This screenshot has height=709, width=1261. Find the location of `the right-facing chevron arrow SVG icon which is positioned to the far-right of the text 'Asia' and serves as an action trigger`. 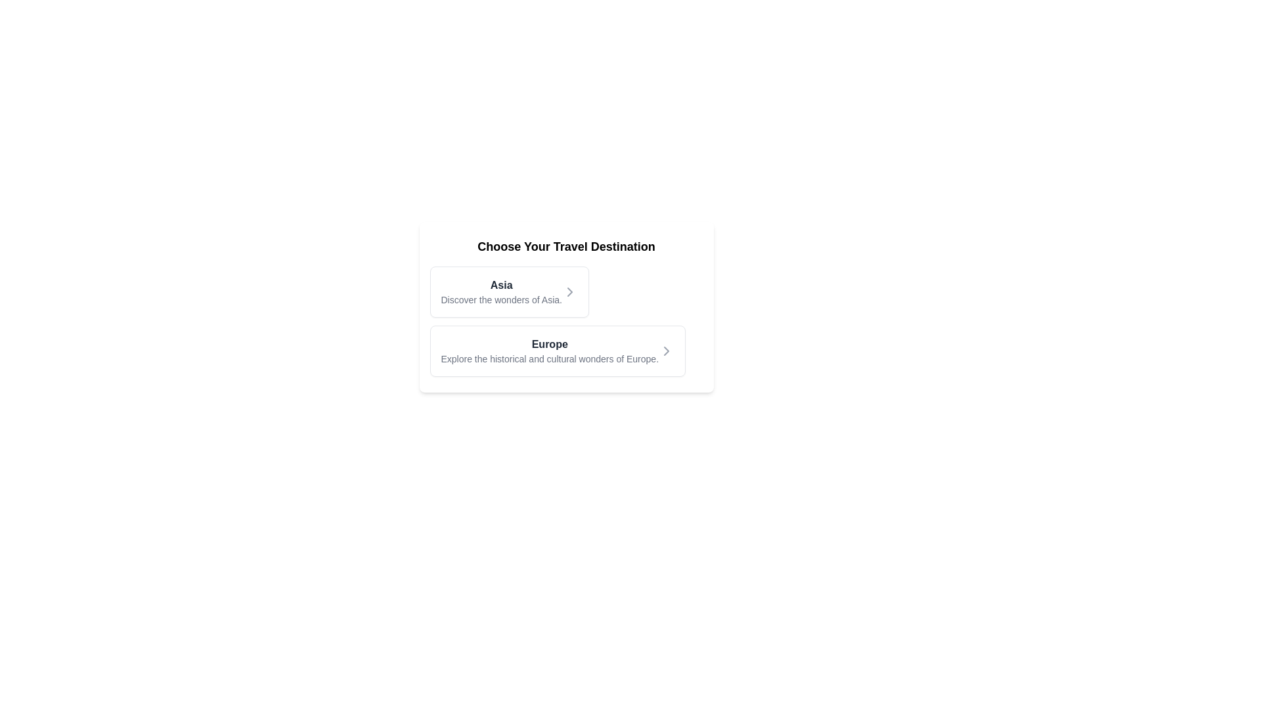

the right-facing chevron arrow SVG icon which is positioned to the far-right of the text 'Asia' and serves as an action trigger is located at coordinates (569, 291).